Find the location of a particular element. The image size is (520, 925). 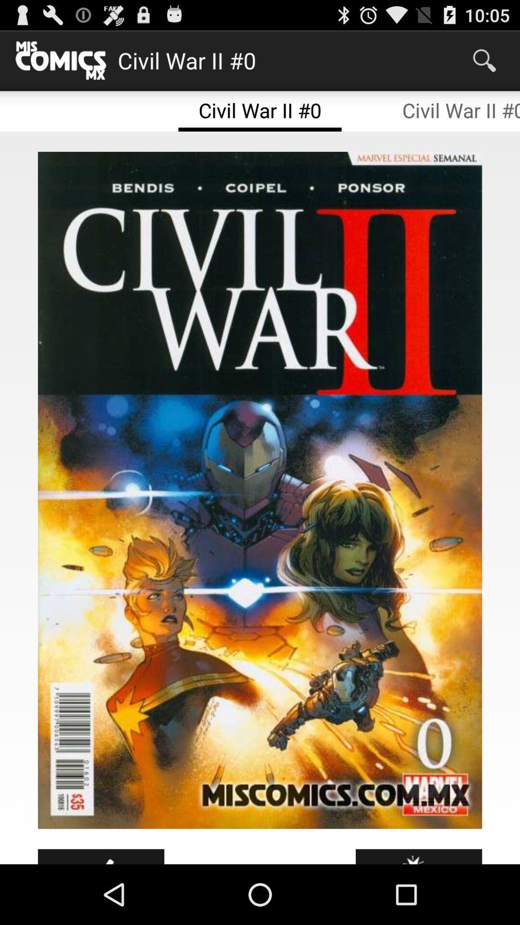

the app to the right of the civil war ii app is located at coordinates (484, 60).